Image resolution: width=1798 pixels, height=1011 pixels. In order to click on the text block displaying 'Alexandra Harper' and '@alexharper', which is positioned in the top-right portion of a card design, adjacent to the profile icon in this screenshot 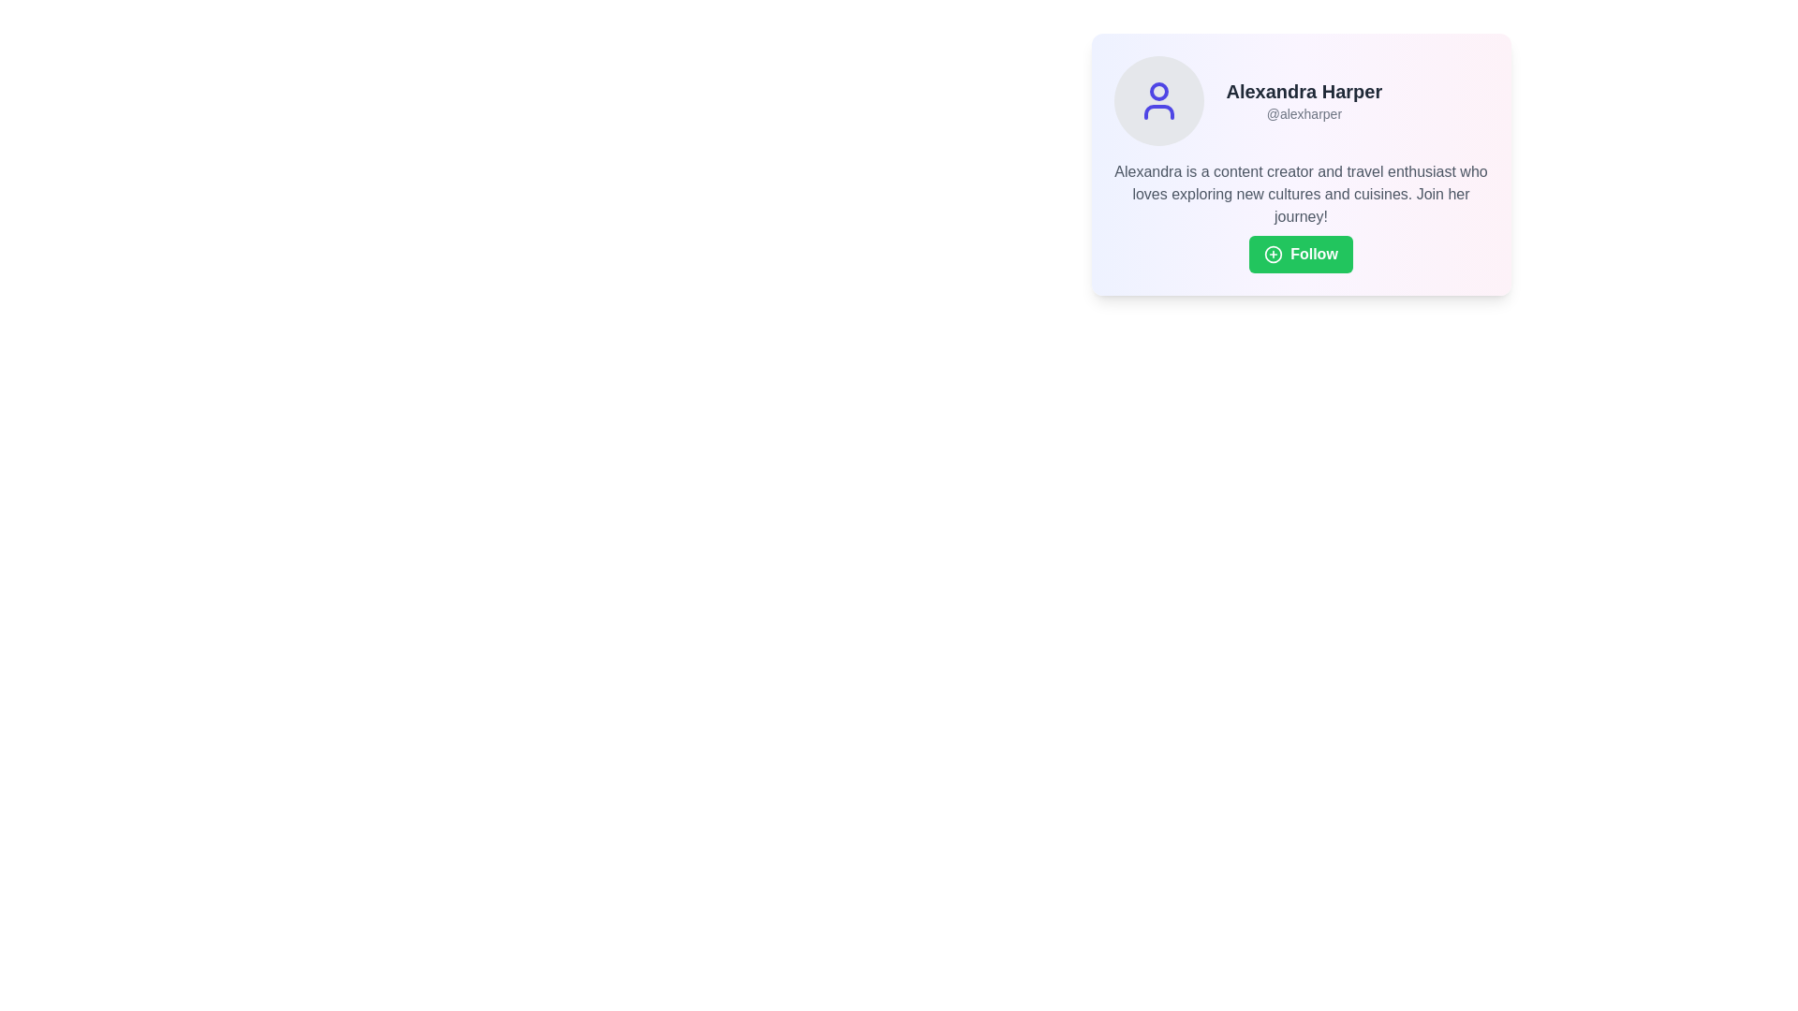, I will do `click(1303, 101)`.